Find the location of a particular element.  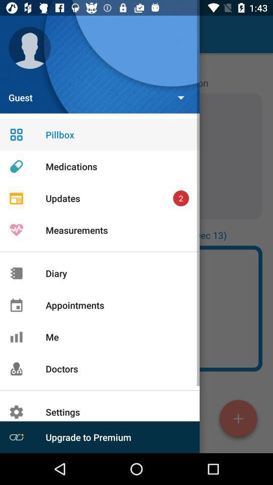

the add icon is located at coordinates (238, 420).